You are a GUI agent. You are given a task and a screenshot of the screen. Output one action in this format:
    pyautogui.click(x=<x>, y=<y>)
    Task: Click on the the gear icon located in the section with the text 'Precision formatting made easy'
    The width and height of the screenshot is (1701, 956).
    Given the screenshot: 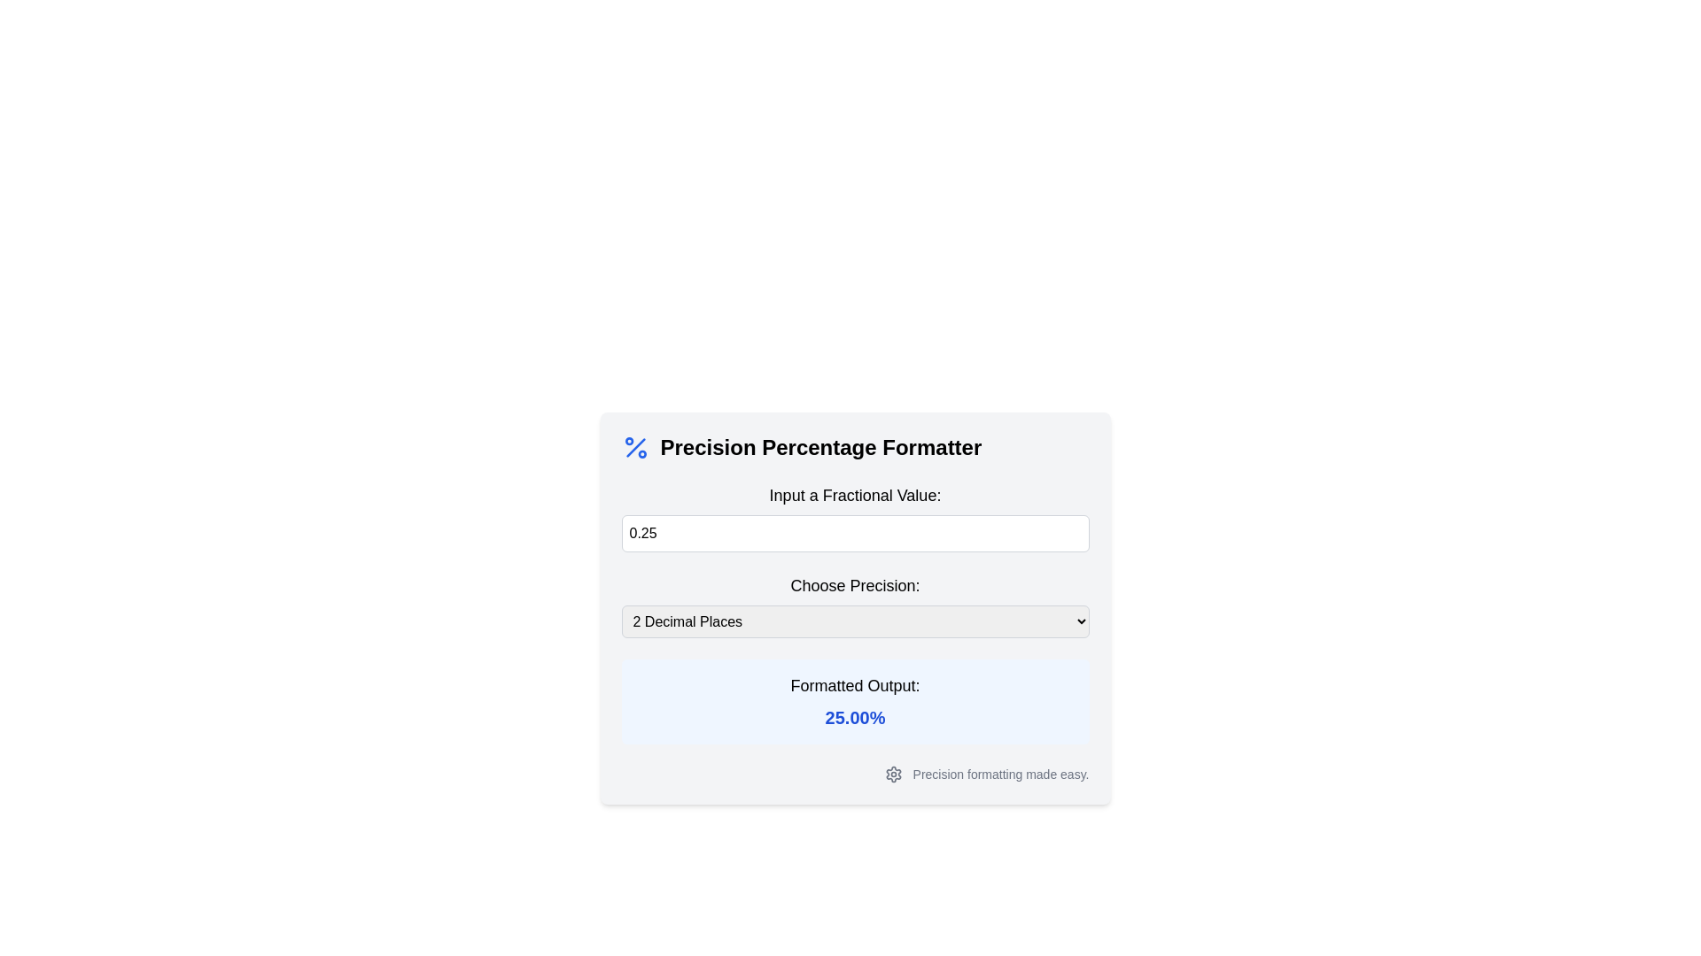 What is the action you would take?
    pyautogui.click(x=893, y=774)
    